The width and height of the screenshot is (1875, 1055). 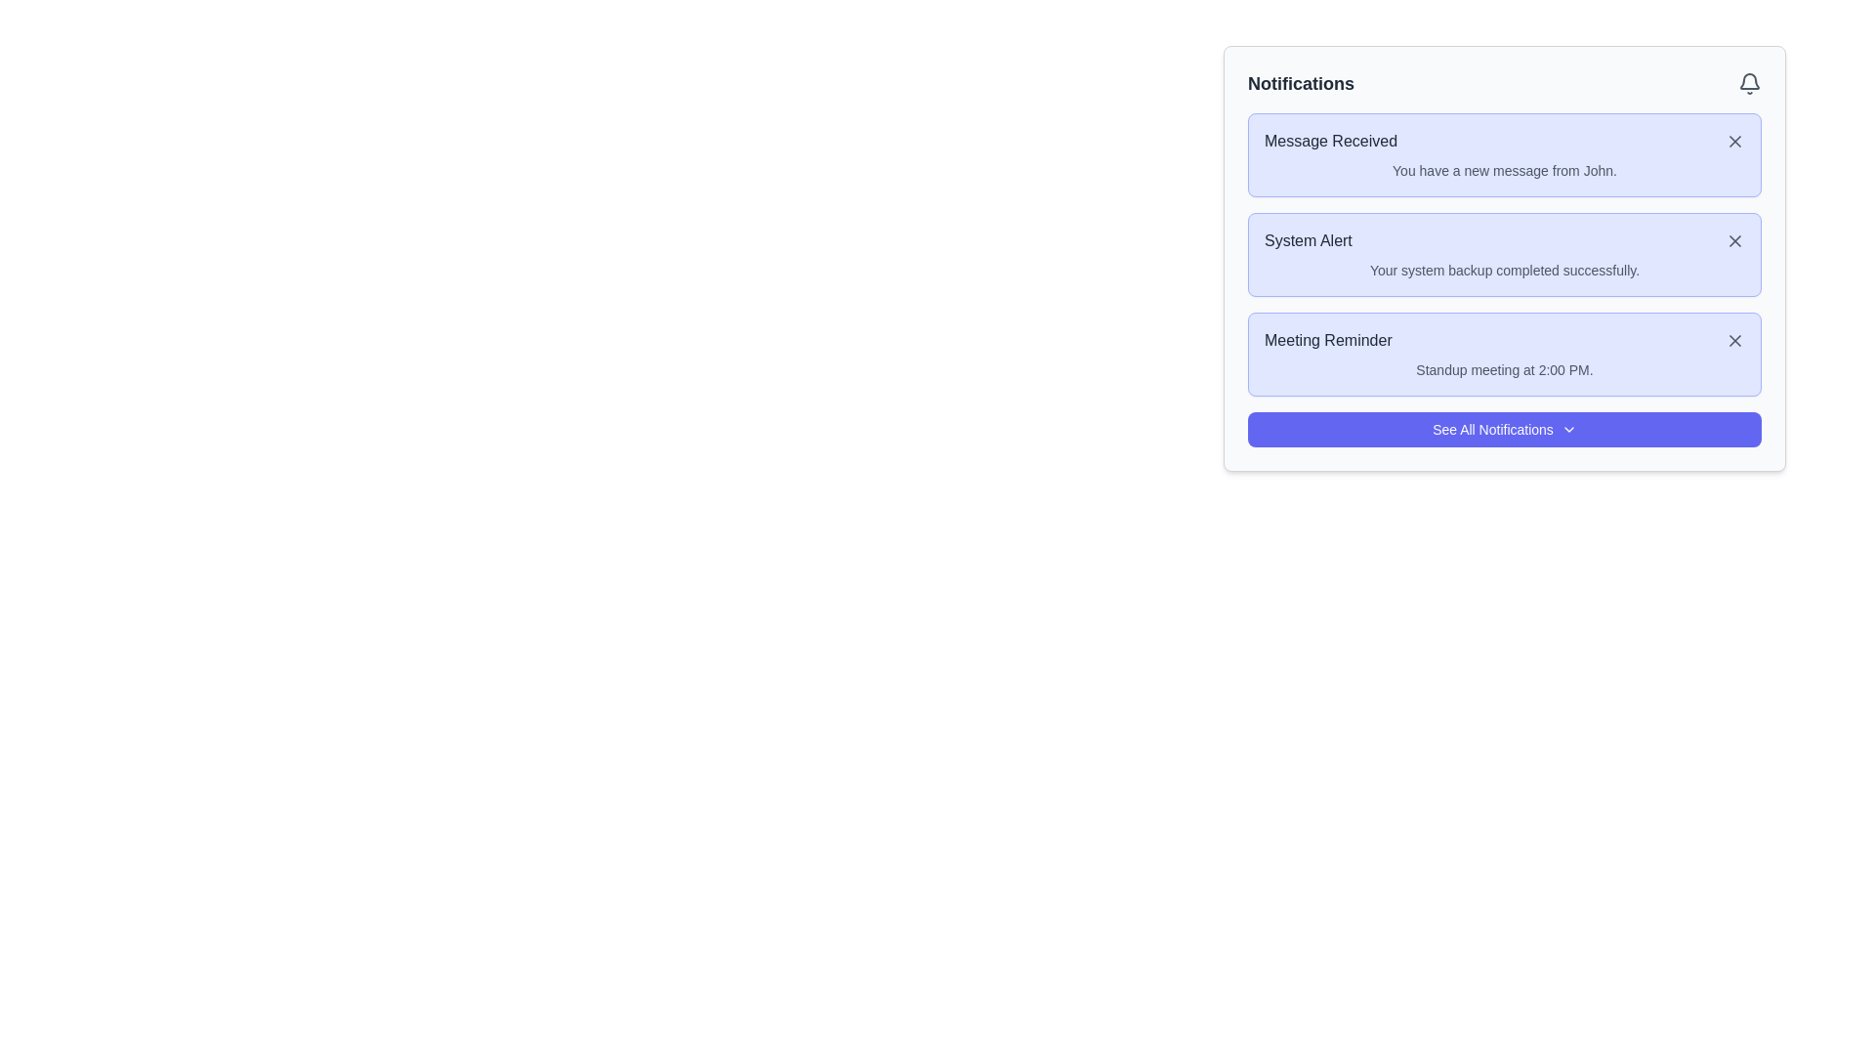 I want to click on the notification message that reads 'You have a new message from John.' located below the 'Message Received' label in the pastel blue notification card, so click(x=1503, y=169).